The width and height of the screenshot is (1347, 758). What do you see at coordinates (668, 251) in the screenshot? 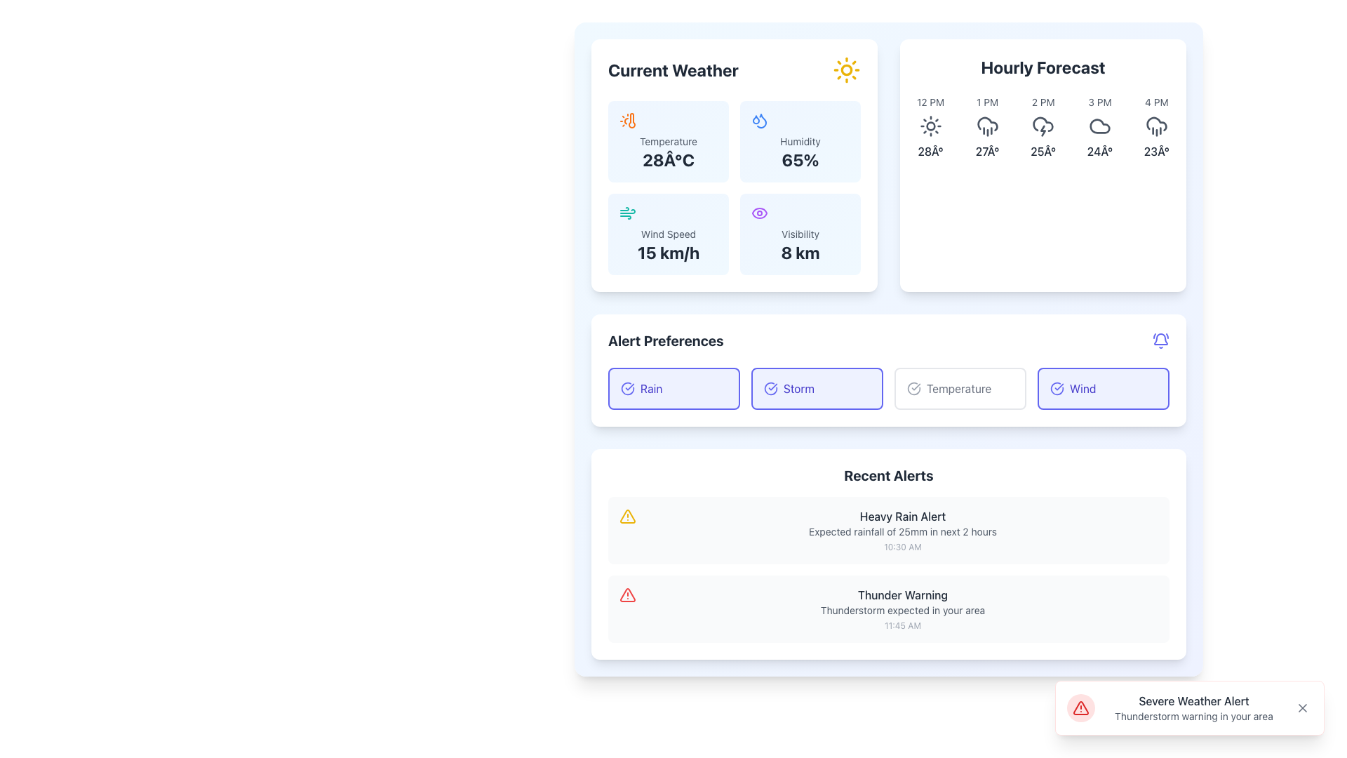
I see `the Text display that shows the current wind speed in kilometers per hour` at bounding box center [668, 251].